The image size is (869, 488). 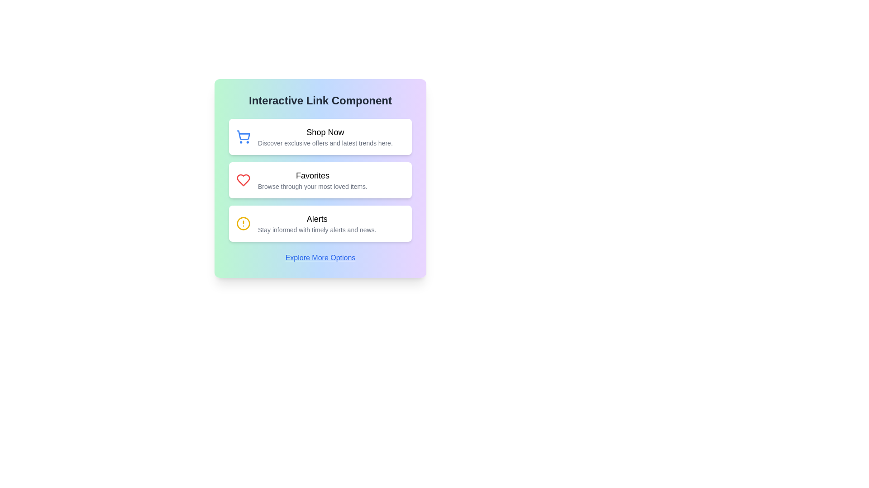 I want to click on the text element labeled 'Alerts', which is in bold and larger font, positioned as the title of the third card in a vertical stack under 'Interactive Link Component', so click(x=317, y=219).